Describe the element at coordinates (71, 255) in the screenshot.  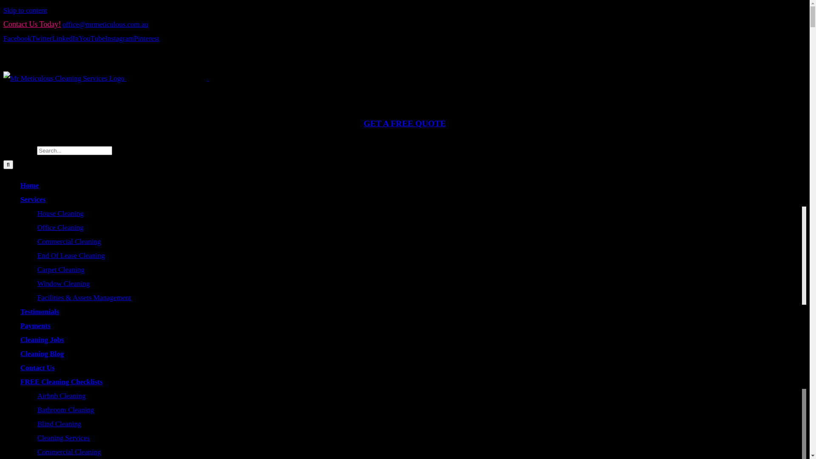
I see `'End Of Lease Cleaning'` at that location.